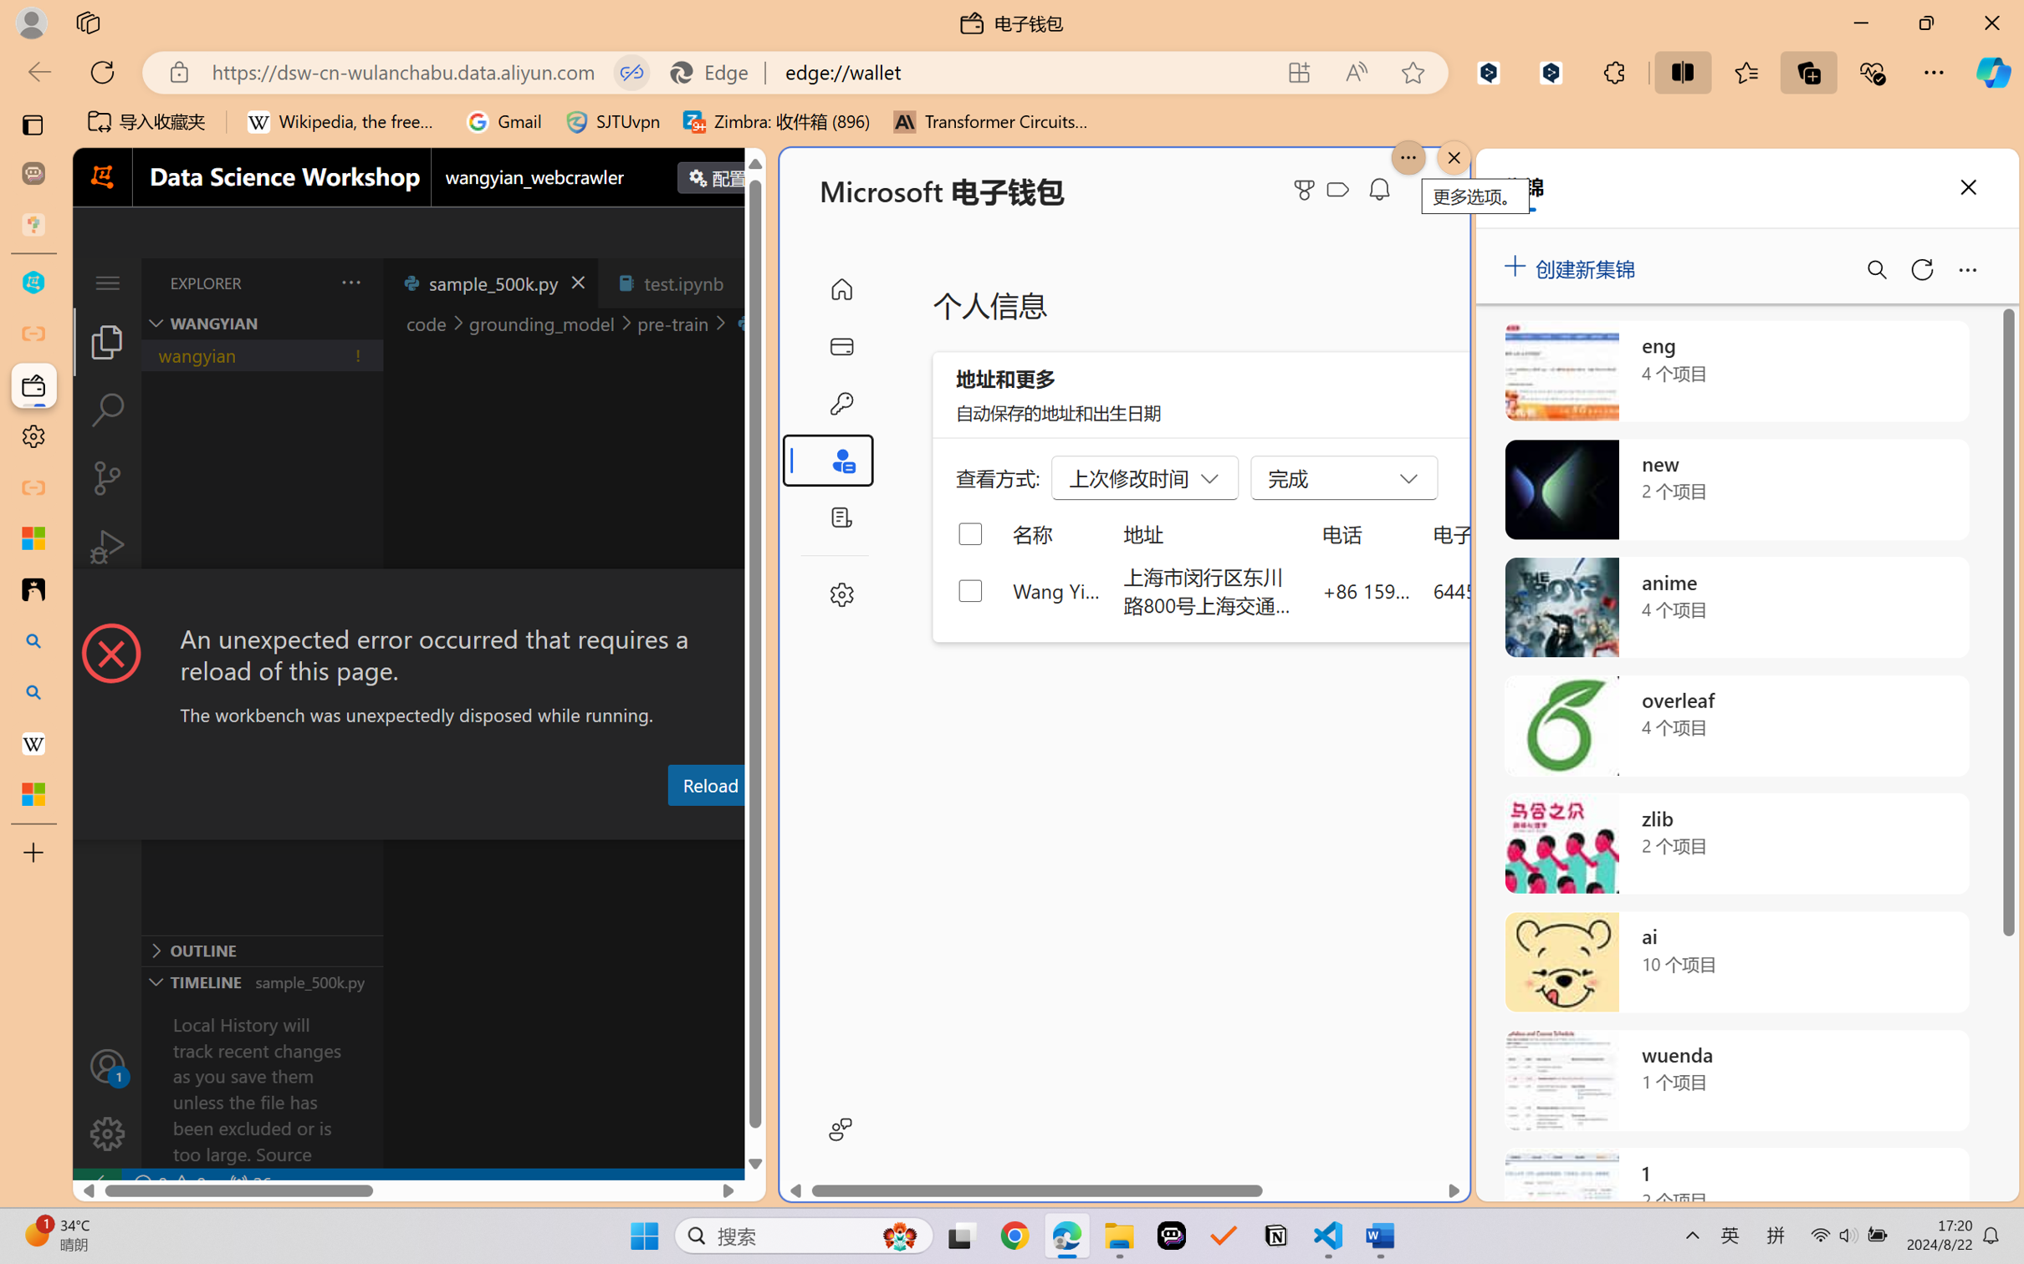 The image size is (2024, 1264). Describe the element at coordinates (262, 323) in the screenshot. I see `'Explorer Section: wangyian'` at that location.